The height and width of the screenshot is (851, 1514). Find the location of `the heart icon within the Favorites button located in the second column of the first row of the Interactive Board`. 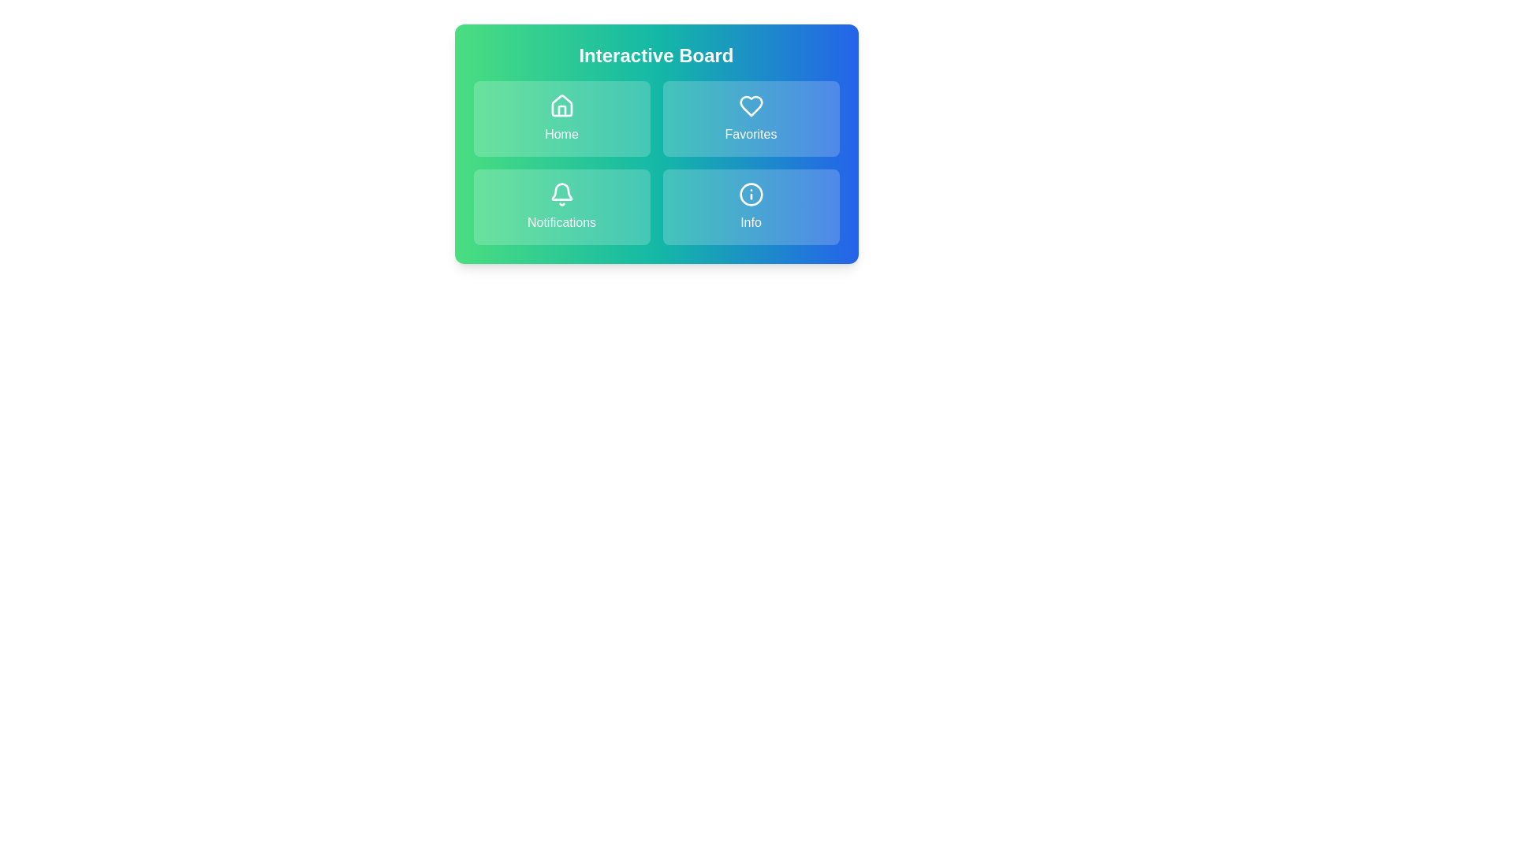

the heart icon within the Favorites button located in the second column of the first row of the Interactive Board is located at coordinates (750, 106).